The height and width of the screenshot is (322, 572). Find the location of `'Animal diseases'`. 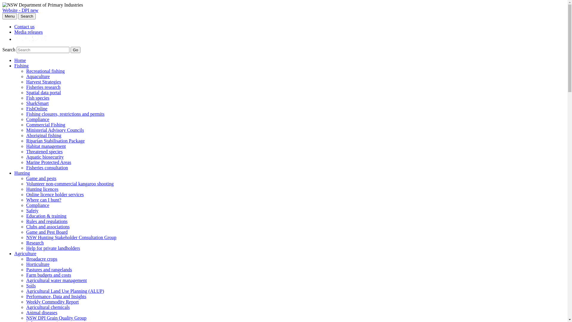

'Animal diseases' is located at coordinates (41, 312).